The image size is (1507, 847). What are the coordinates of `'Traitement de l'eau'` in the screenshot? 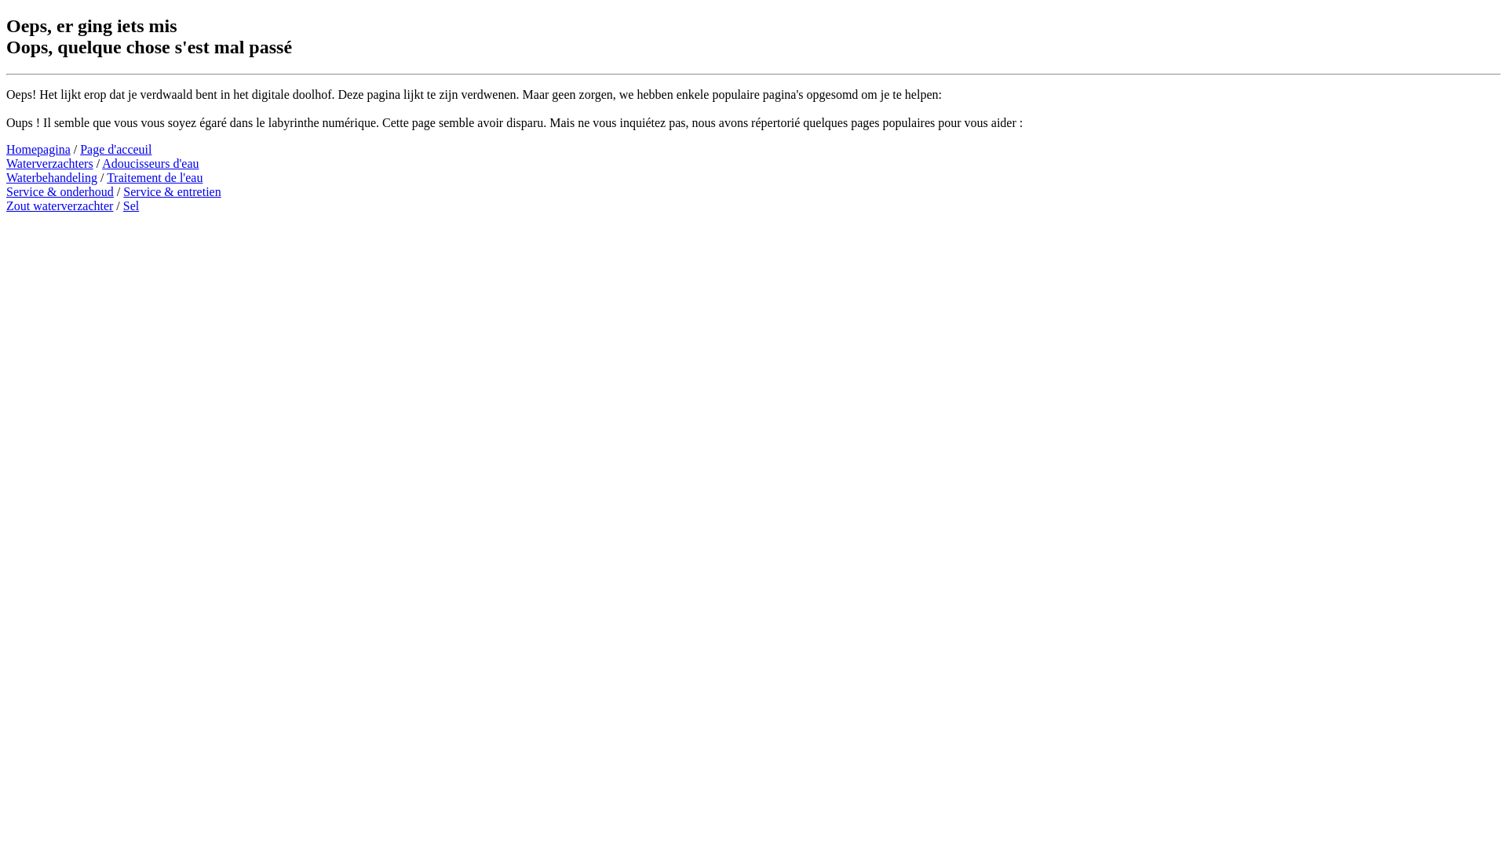 It's located at (154, 176).